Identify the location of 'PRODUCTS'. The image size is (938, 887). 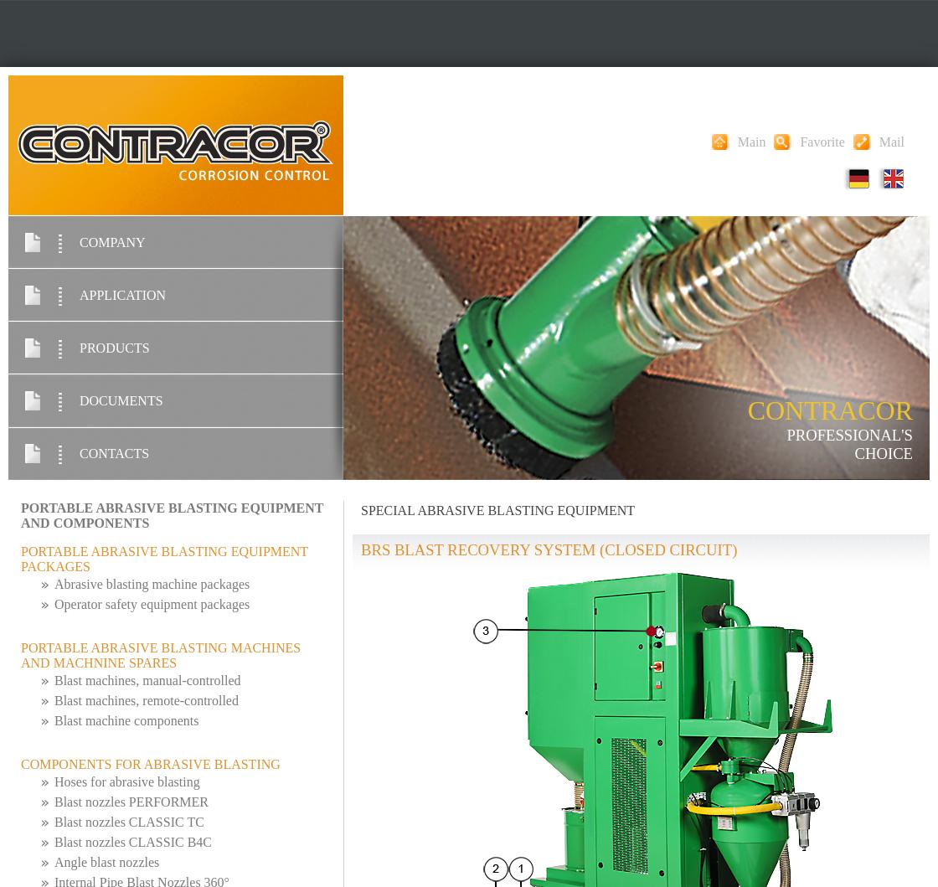
(114, 347).